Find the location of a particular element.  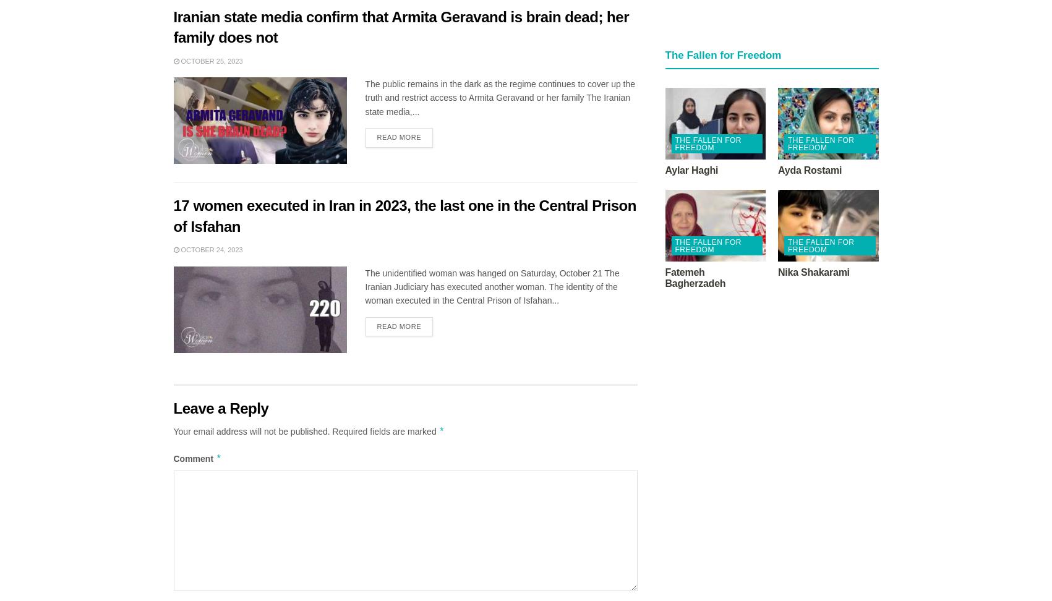

'The public remains in the dark as the regime continues to cover up the truth and restrict access to Armita Geravand or her family The Iranian state media,...' is located at coordinates (500, 98).